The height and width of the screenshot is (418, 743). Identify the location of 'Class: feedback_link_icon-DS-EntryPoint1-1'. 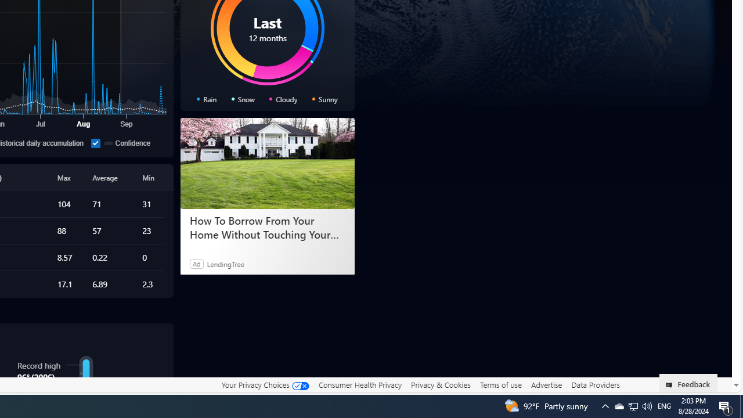
(671, 385).